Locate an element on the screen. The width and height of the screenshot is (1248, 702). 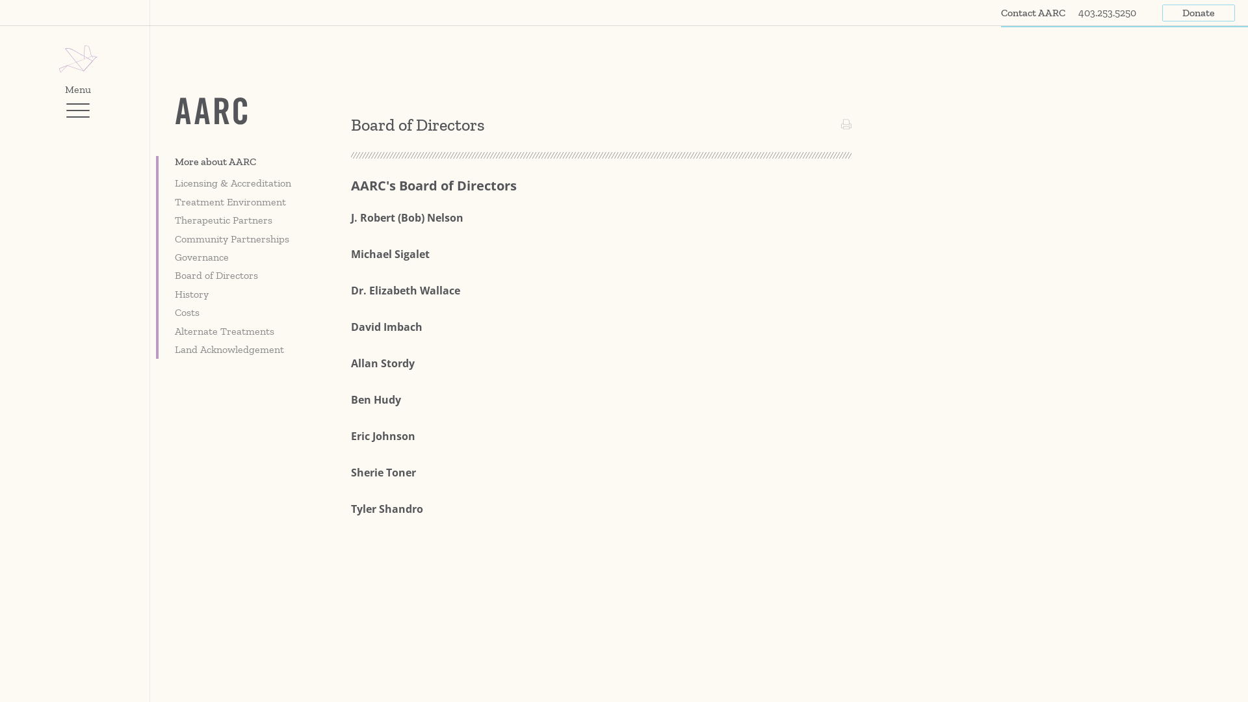
'Costs' is located at coordinates (243, 313).